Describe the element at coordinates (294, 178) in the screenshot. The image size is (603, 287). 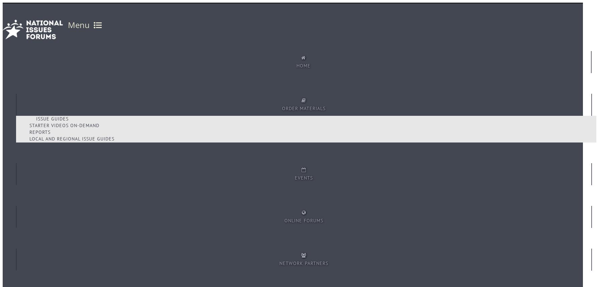
I see `'Events'` at that location.